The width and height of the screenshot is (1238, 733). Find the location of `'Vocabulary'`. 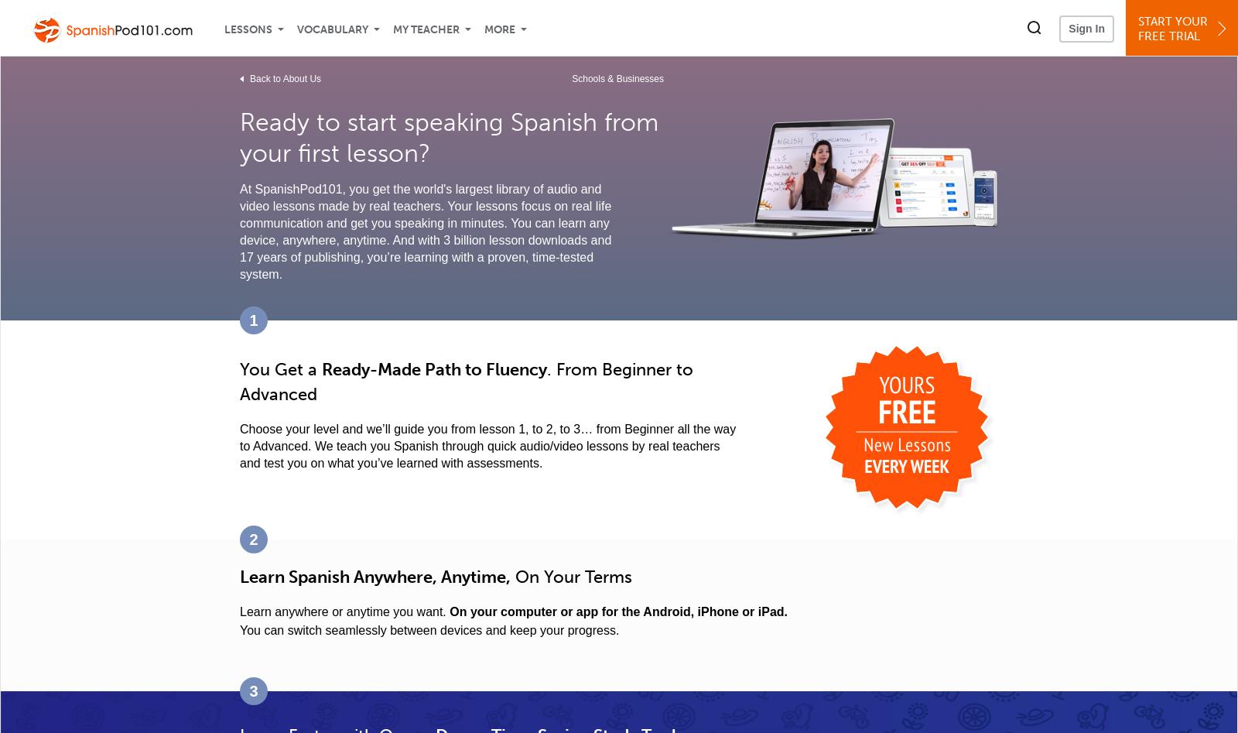

'Vocabulary' is located at coordinates (331, 29).